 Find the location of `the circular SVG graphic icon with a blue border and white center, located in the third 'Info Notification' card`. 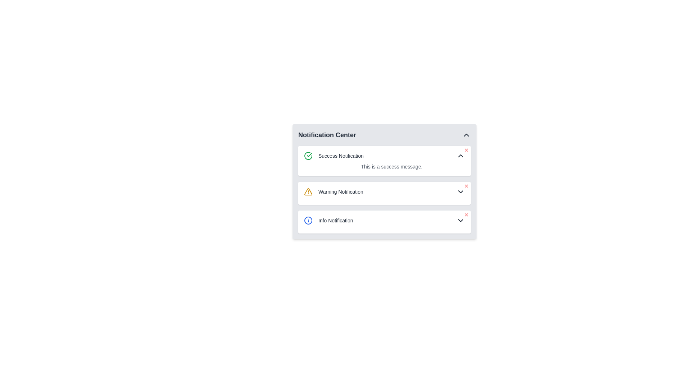

the circular SVG graphic icon with a blue border and white center, located in the third 'Info Notification' card is located at coordinates (308, 220).